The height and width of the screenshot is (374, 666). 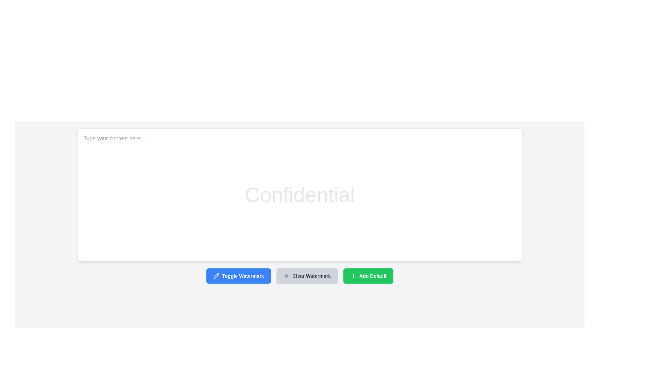 I want to click on the pencil-shaped icon rendered in outline style within the blue button labeled 'Toggle Watermark' as a visual indicator, so click(x=216, y=276).